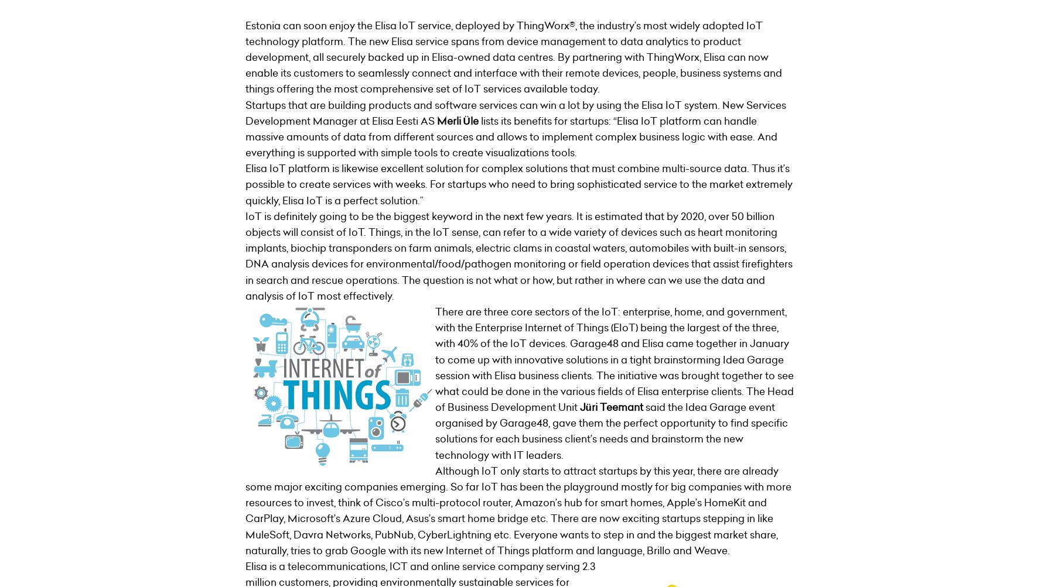 This screenshot has height=587, width=1041. Describe the element at coordinates (517, 256) in the screenshot. I see `'IoT is definitely going to be the biggest keyword in the next few years. It is estimated that by 2020, over 50 billion objects will consist of IoT. Things, in the IoT sense, can refer to a wide variety of devices such as heart monitoring implants, biochip transponders on farm animals, electric clams in coastal waters, automobiles with built-in sensors, DNA analysis devices for environmental/food/pathogen monitoring or field operation devices that assist firefighters in search and rescue operations. The question is not what or how, but rather in where can we use the data and analysis of IoT most effectively.'` at that location.